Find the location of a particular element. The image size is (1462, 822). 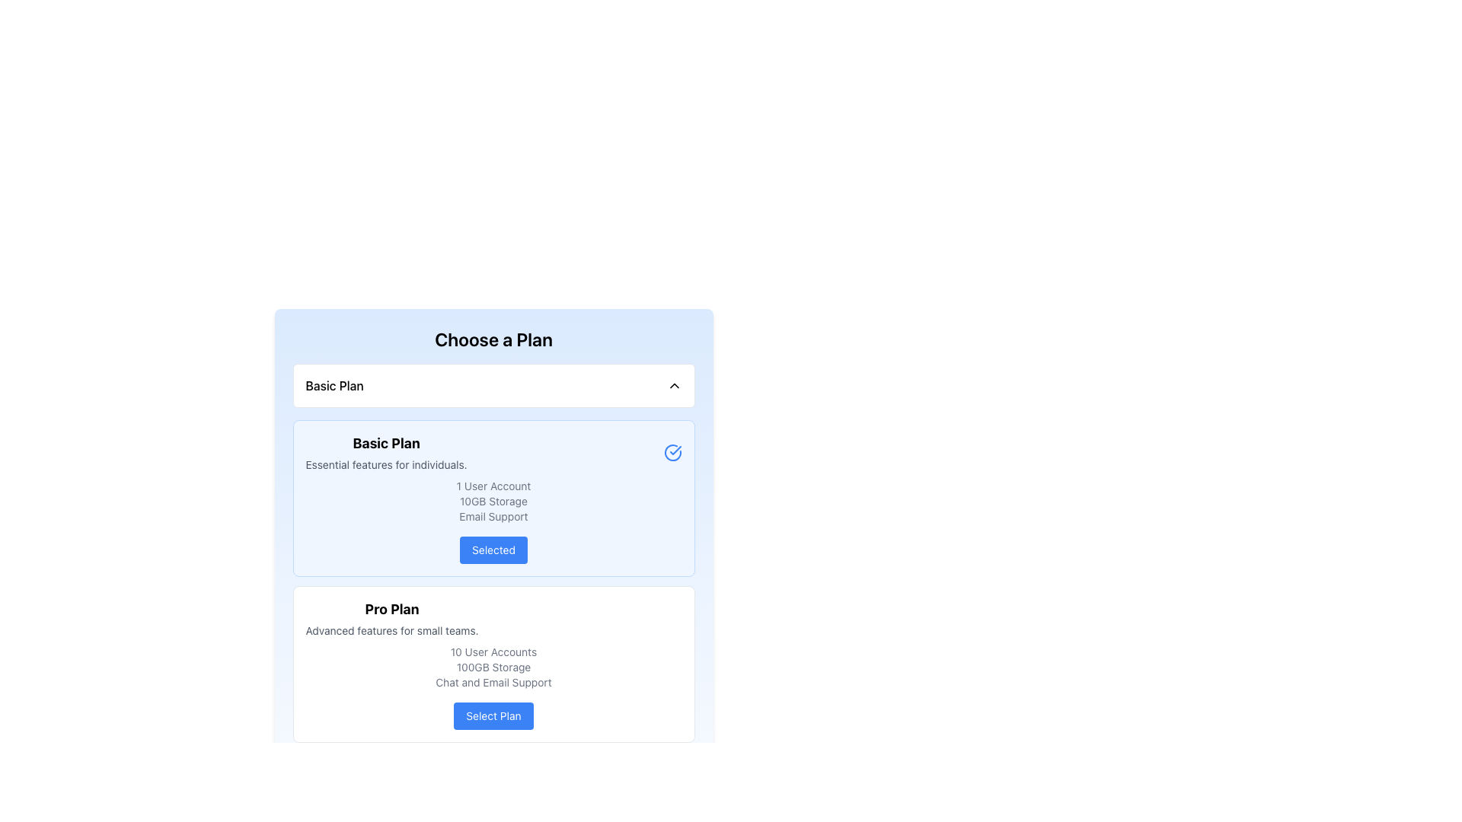

the text label indicating the 'Pro Plan' within the 'Choose a Plan' interface, which is positioned at the top-left corner of the white card for the 'Pro Plan' details is located at coordinates (392, 609).